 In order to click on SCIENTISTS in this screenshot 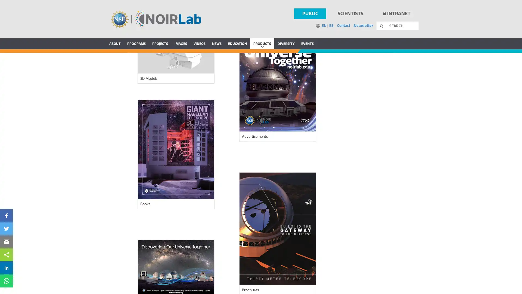, I will do `click(350, 13)`.